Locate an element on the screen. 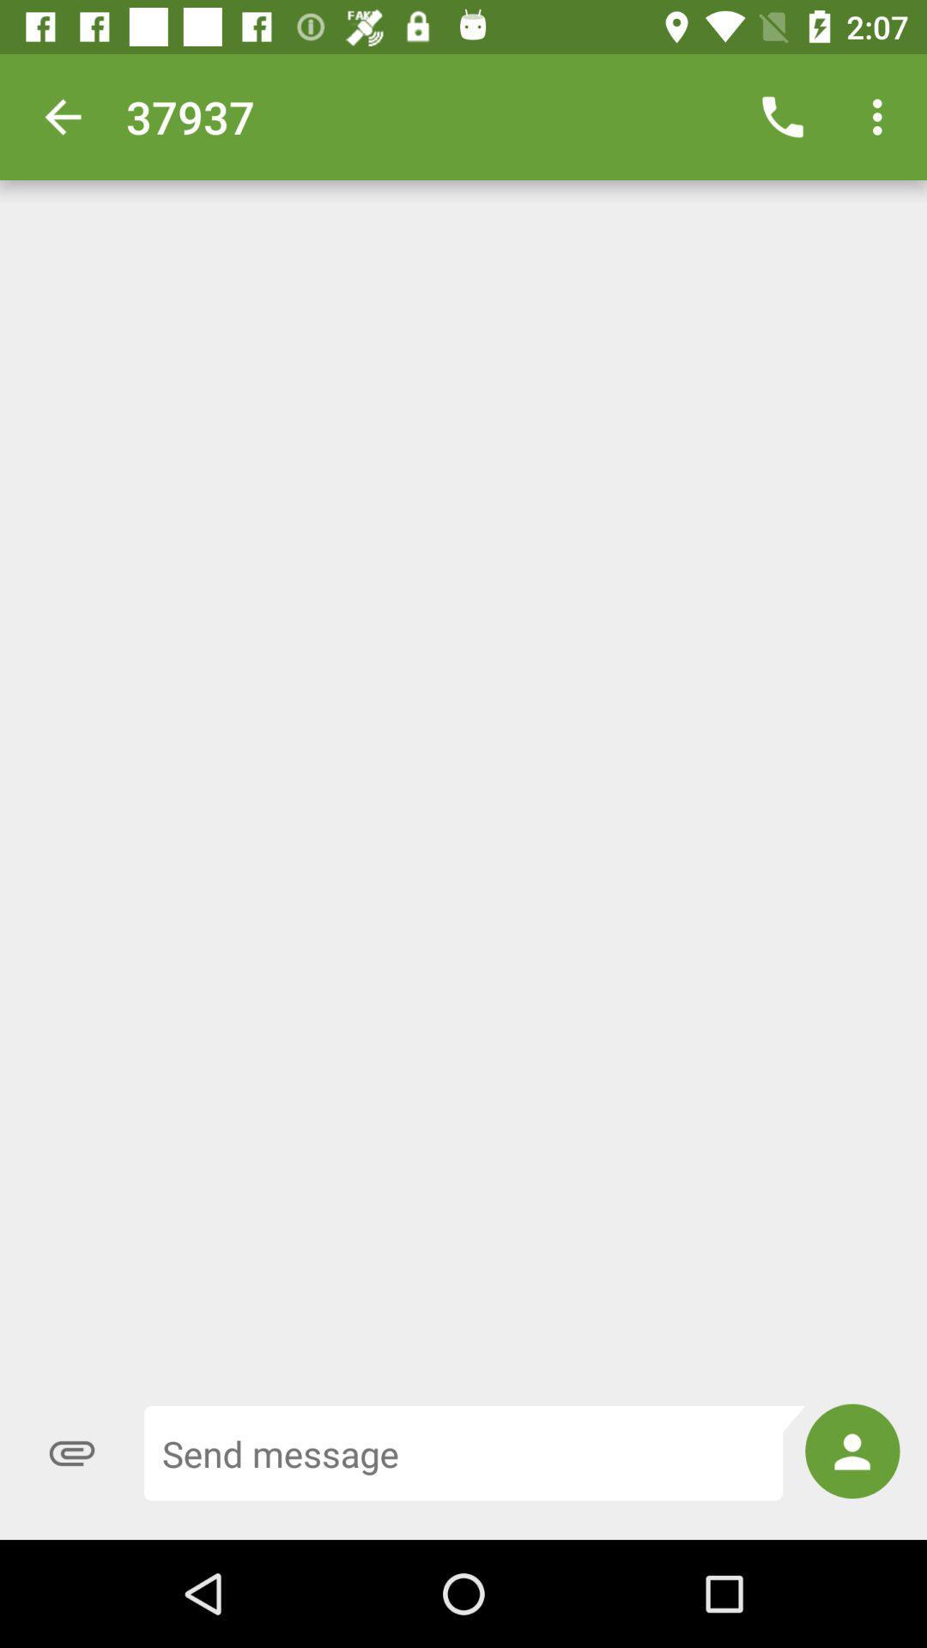 This screenshot has height=1648, width=927. the avatar icon is located at coordinates (852, 1450).